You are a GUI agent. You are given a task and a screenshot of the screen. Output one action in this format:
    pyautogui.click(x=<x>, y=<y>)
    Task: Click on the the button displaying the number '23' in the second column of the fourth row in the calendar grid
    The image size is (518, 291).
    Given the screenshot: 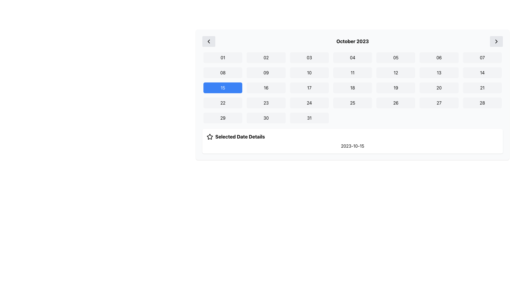 What is the action you would take?
    pyautogui.click(x=266, y=103)
    